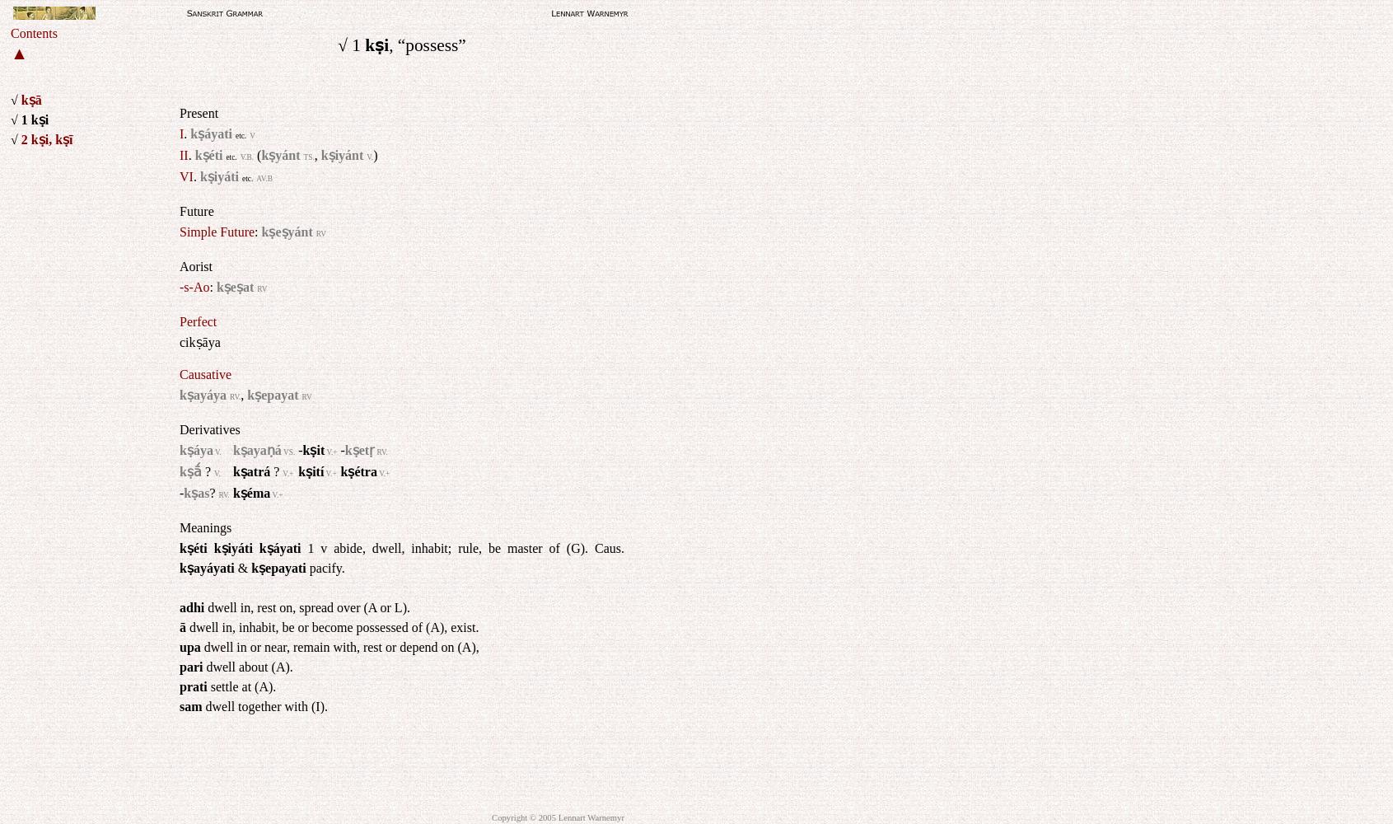  What do you see at coordinates (307, 156) in the screenshot?
I see `'TS.'` at bounding box center [307, 156].